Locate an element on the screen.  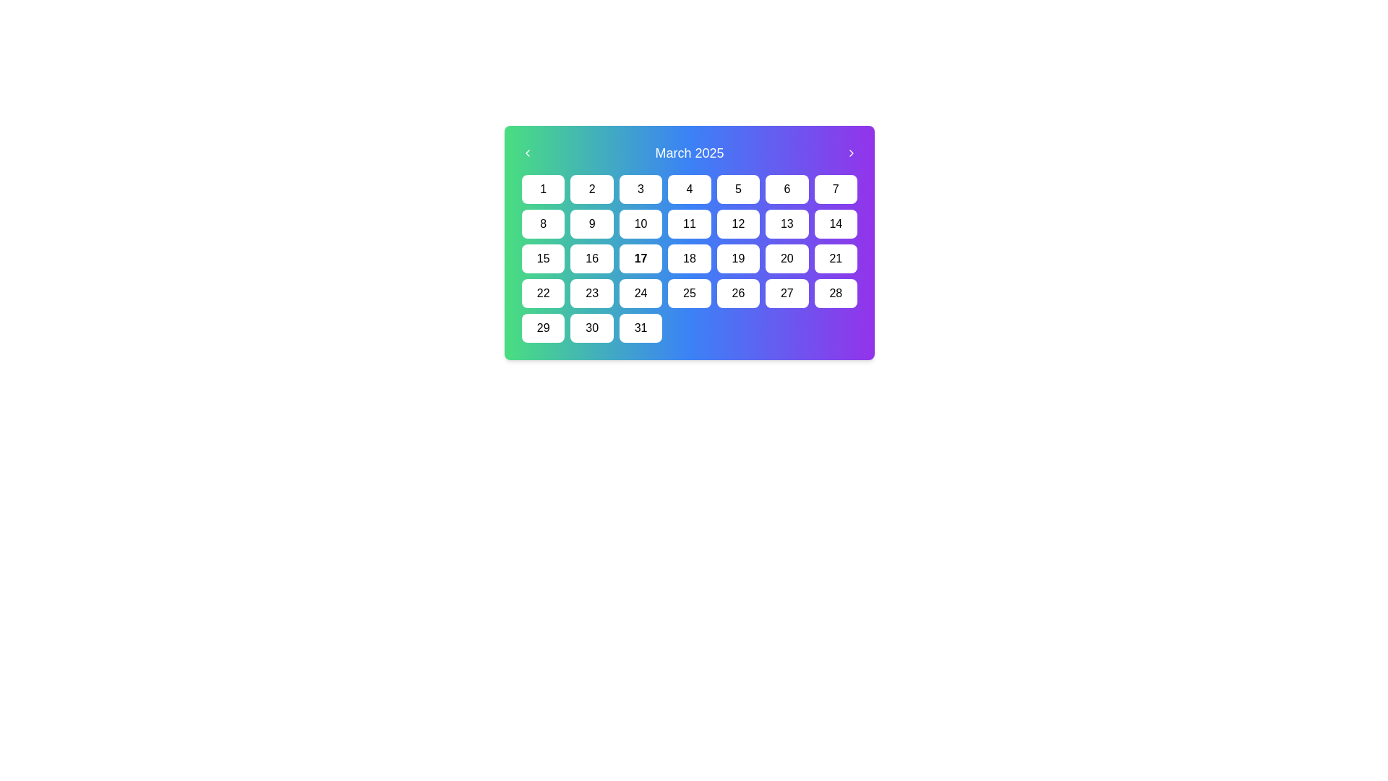
the calendar grid is located at coordinates (689, 258).